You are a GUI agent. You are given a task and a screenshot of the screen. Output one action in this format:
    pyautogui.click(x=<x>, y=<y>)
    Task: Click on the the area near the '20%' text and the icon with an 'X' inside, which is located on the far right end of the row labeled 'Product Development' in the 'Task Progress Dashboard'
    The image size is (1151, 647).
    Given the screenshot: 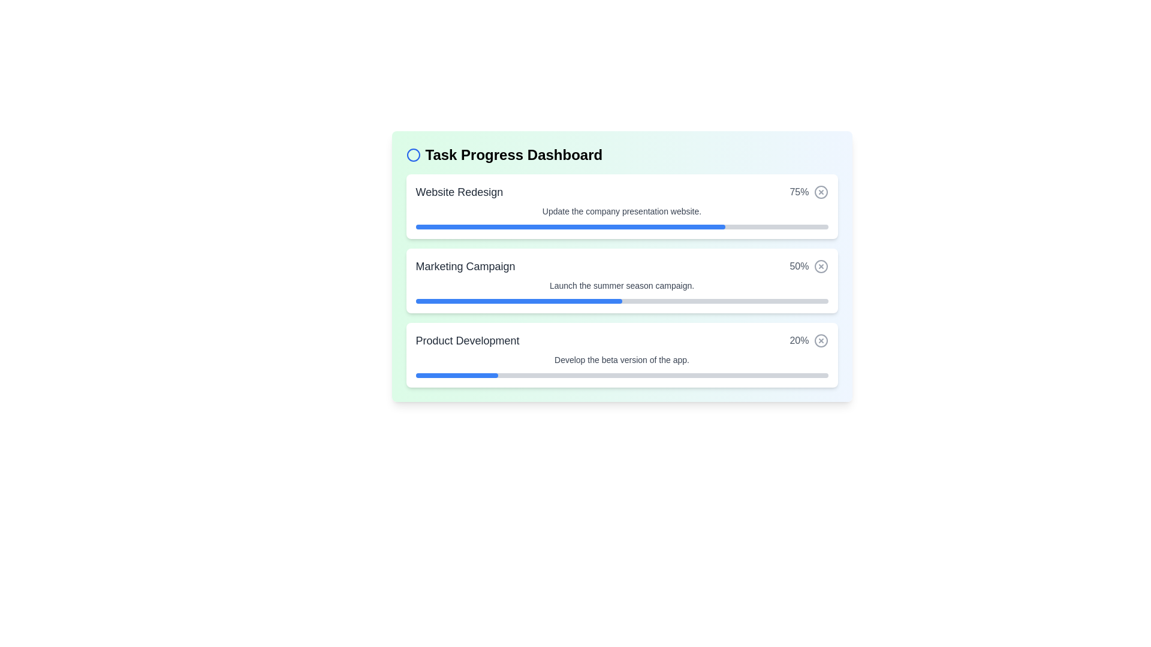 What is the action you would take?
    pyautogui.click(x=809, y=341)
    